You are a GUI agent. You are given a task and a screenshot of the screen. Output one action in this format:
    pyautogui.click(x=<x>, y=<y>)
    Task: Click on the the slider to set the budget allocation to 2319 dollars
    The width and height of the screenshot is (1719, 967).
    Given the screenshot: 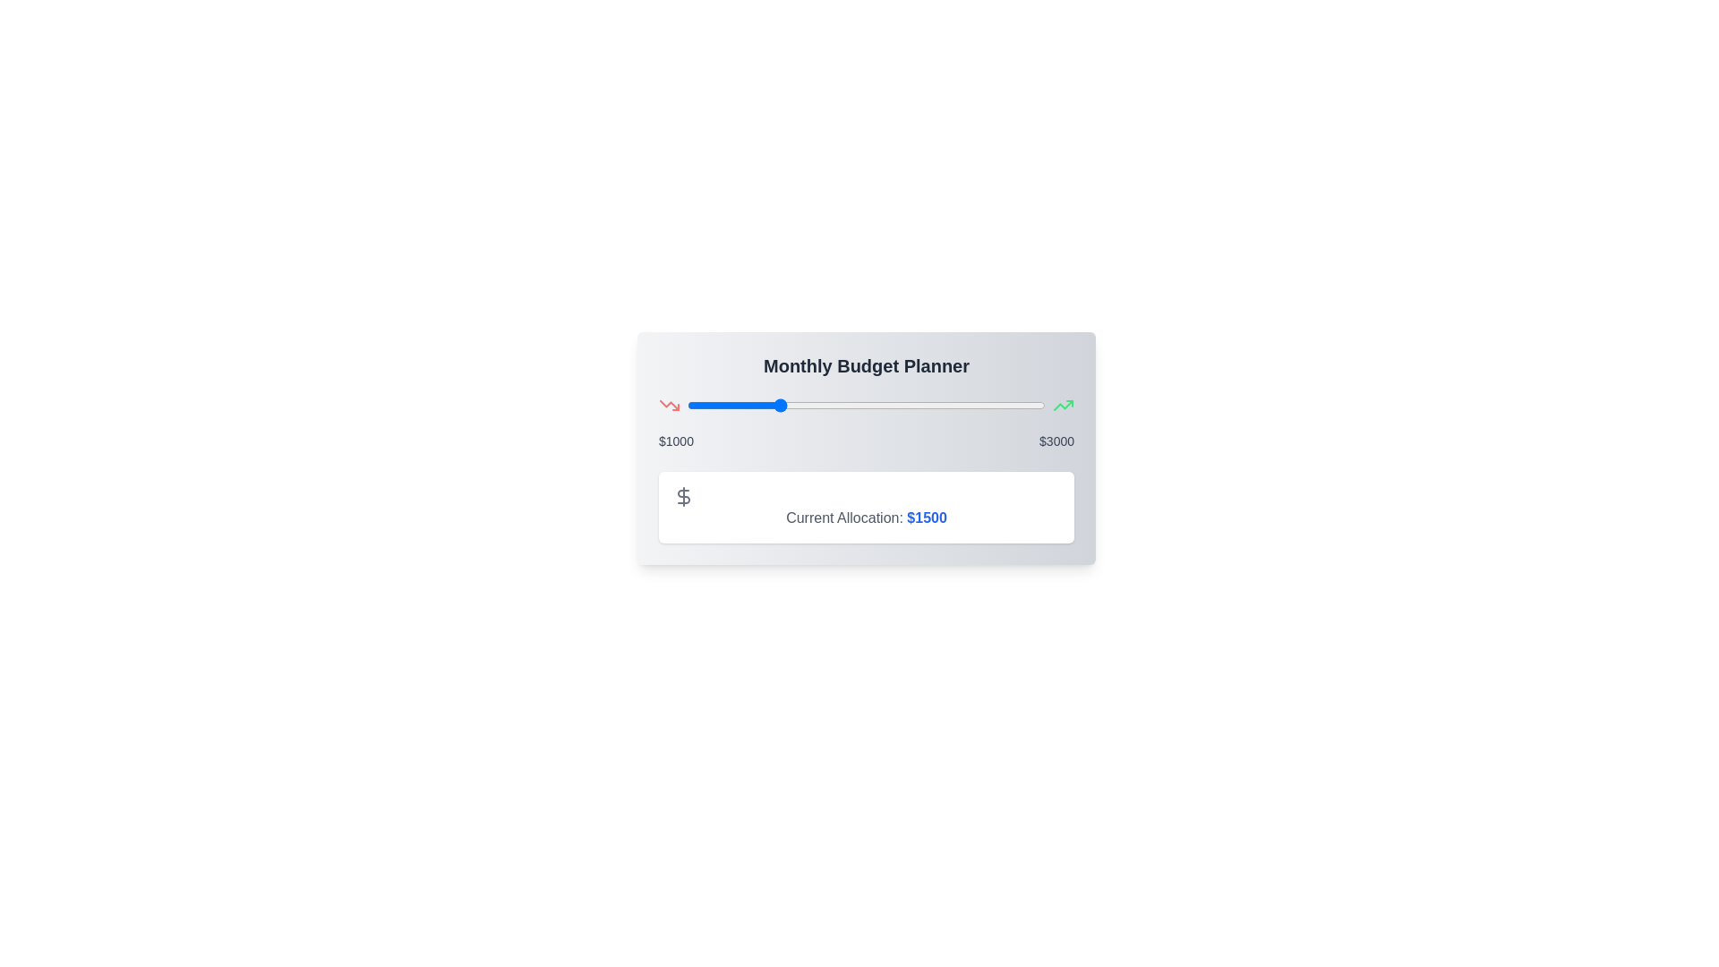 What is the action you would take?
    pyautogui.click(x=923, y=405)
    